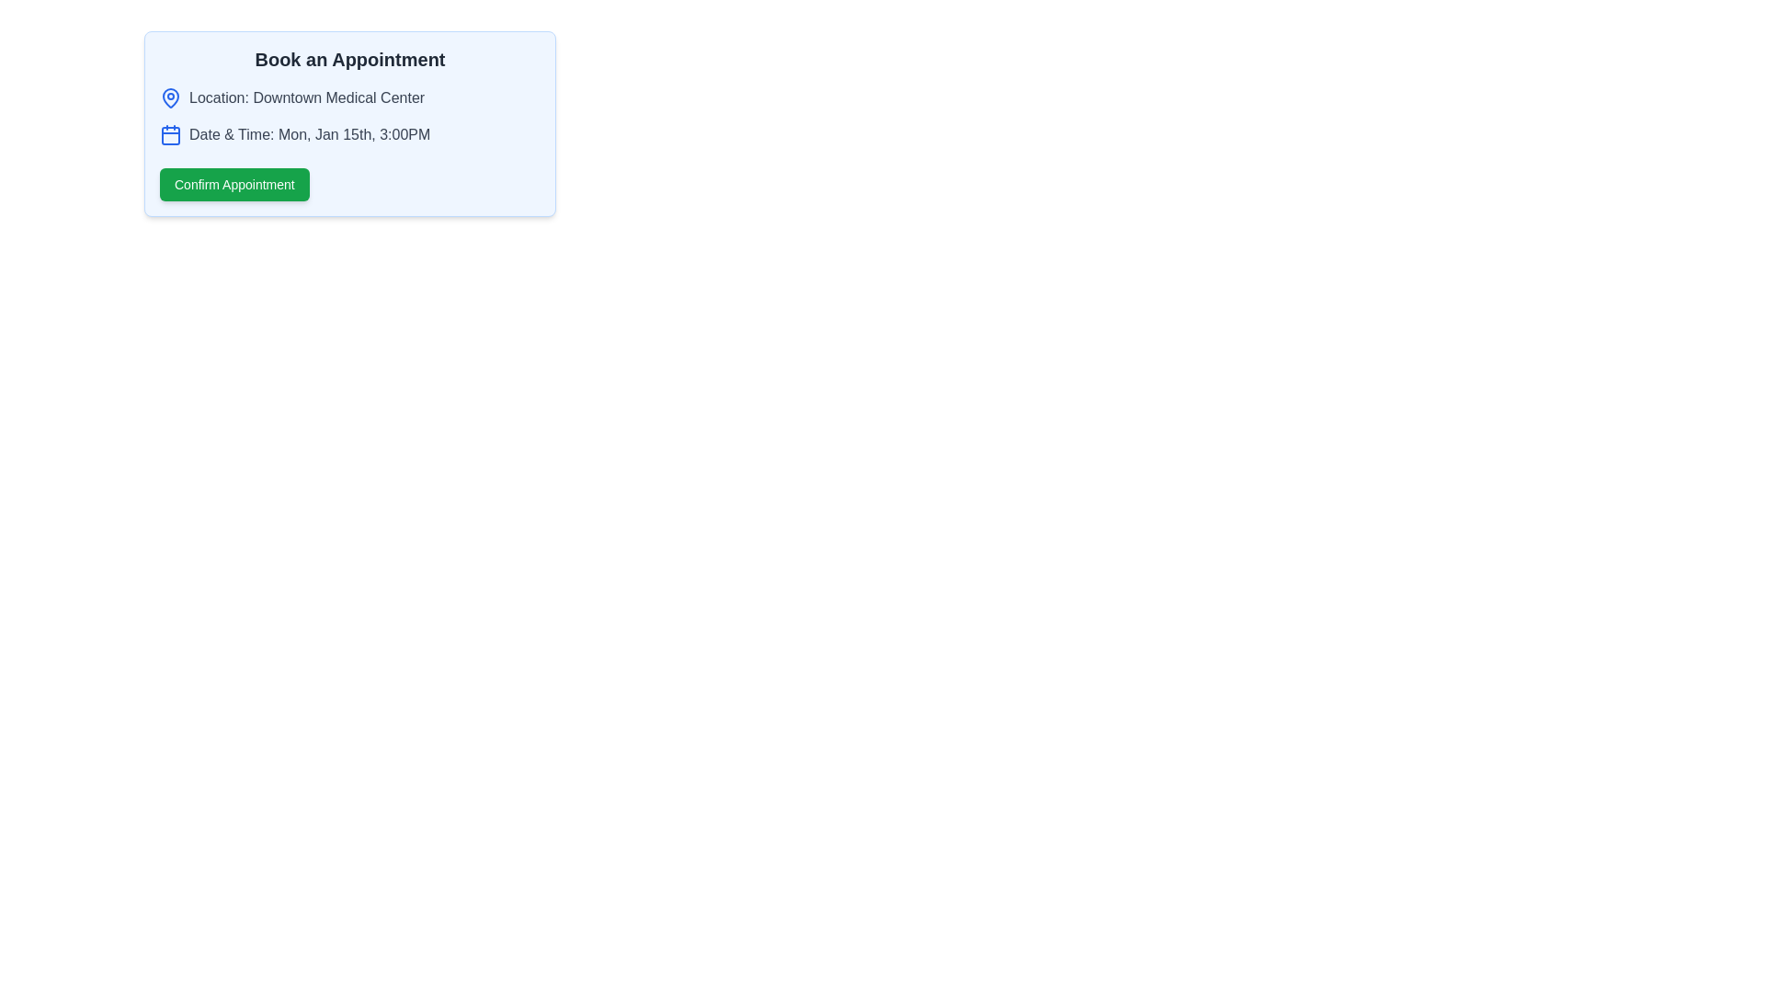 Image resolution: width=1765 pixels, height=993 pixels. What do you see at coordinates (349, 133) in the screenshot?
I see `the 'Appointment Date and Time' Text with Icon located below the 'Location: Downtown Medical Center' text and above the 'Confirm Appointment' button in the 'Book an Appointment' section` at bounding box center [349, 133].